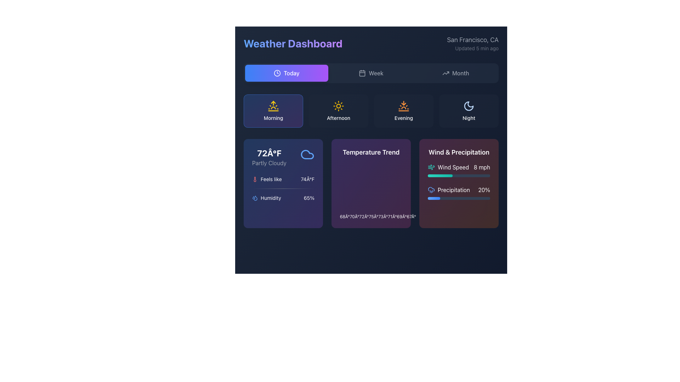 The image size is (680, 382). What do you see at coordinates (431, 189) in the screenshot?
I see `the cloud icon emitting rain located in the 'Wind & Precipitation' panel, positioned left of the 'Precipitation' text` at bounding box center [431, 189].